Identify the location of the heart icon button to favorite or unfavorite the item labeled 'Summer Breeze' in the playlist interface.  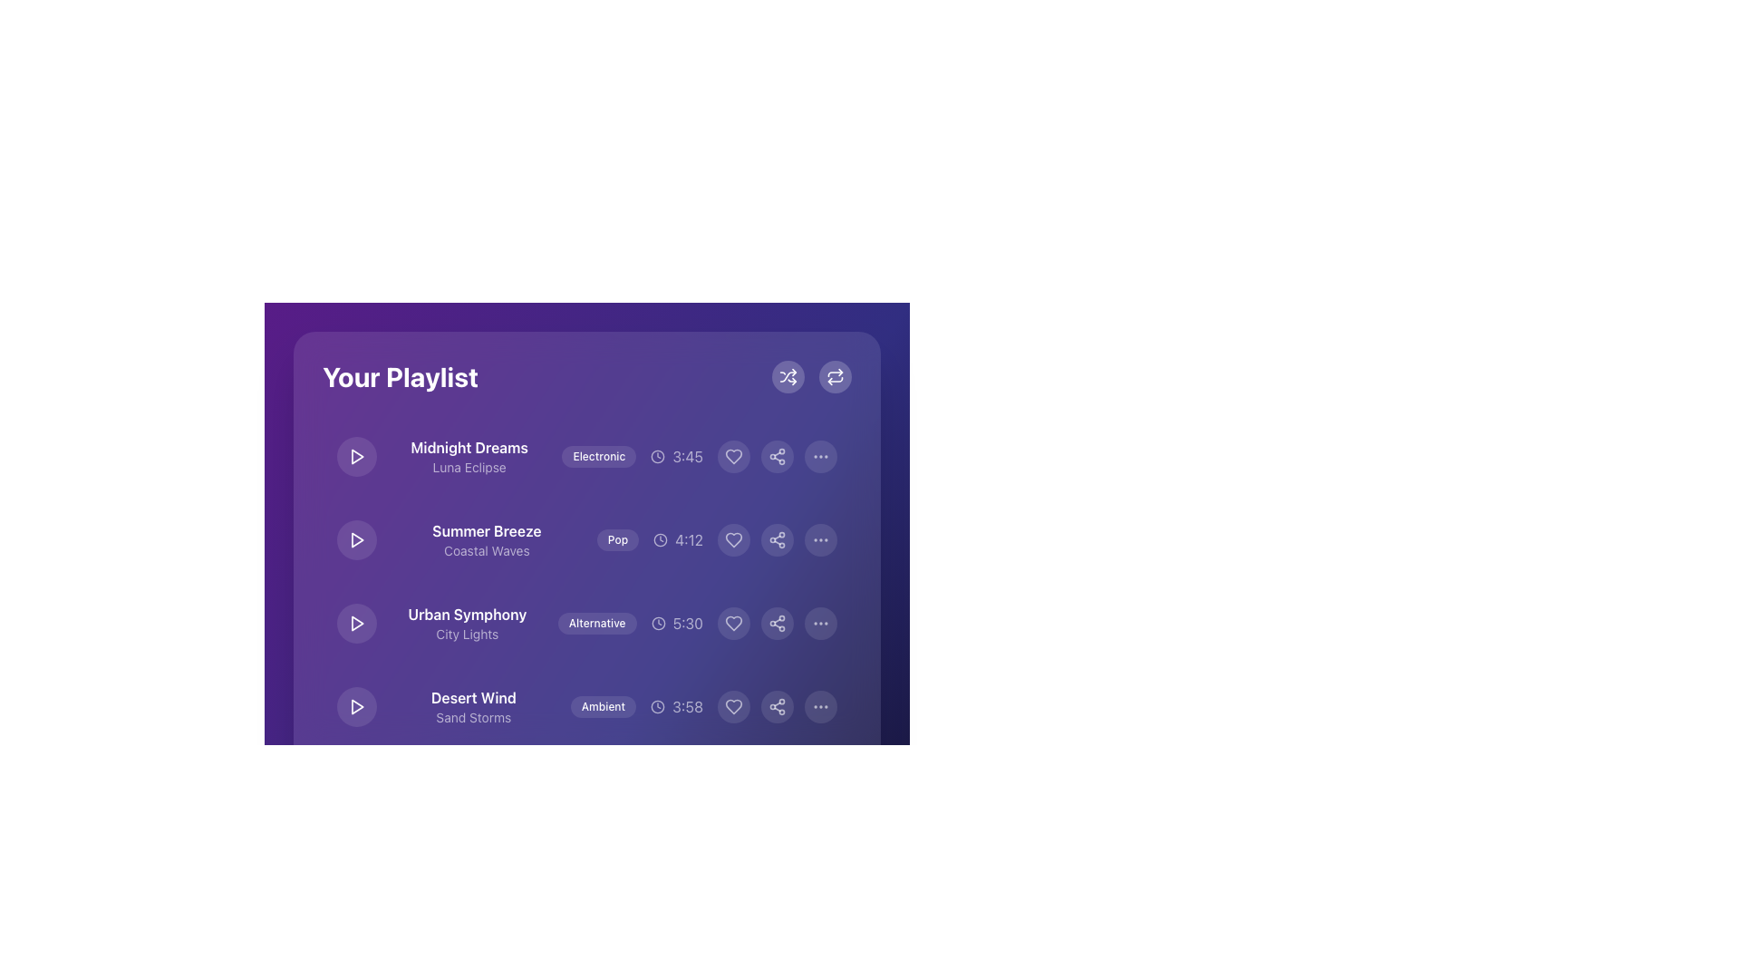
(734, 539).